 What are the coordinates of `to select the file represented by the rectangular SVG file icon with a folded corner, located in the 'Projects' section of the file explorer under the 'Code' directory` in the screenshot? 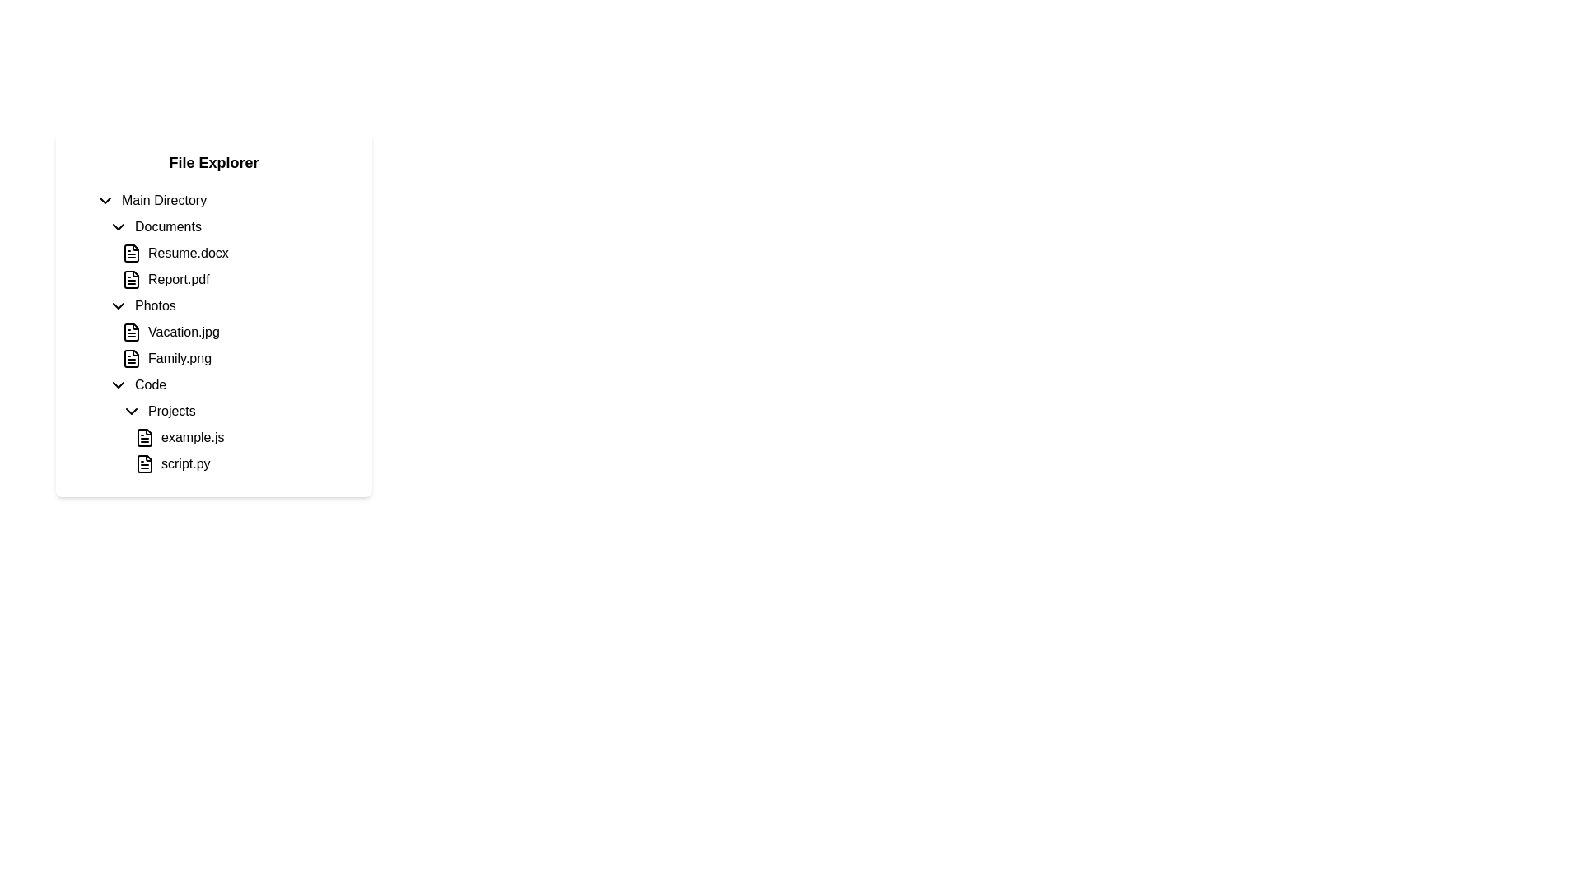 It's located at (145, 463).